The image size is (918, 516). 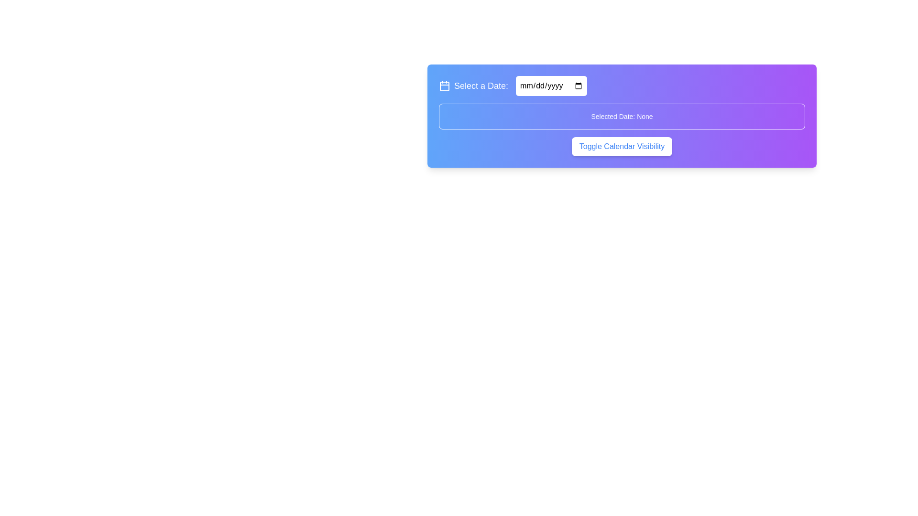 What do you see at coordinates (551, 86) in the screenshot?
I see `the Date input field located to the right of the 'Select a Date:' label` at bounding box center [551, 86].